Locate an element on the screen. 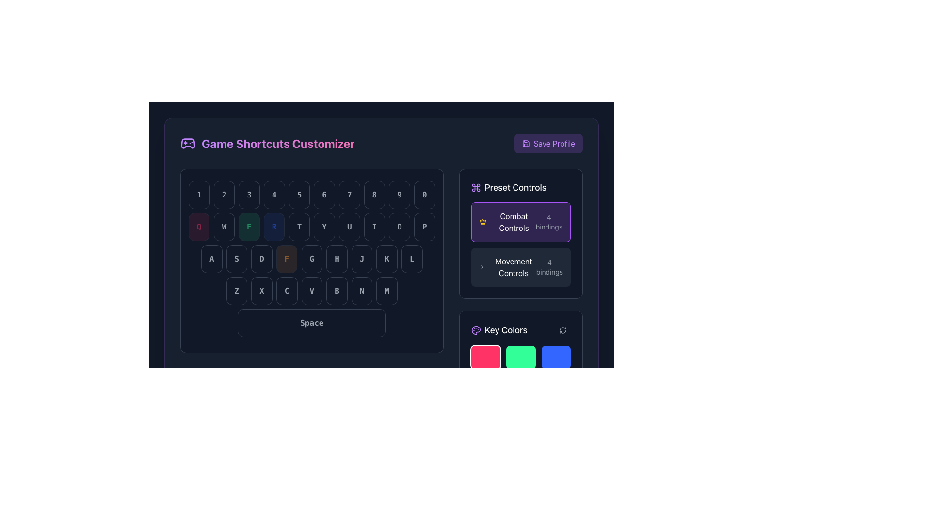 The height and width of the screenshot is (524, 931). the rounded rectangular button with a semi-transparent pink background and bold text 'Q' at the top and 'Ultimate Ability' below it to assign the key is located at coordinates (198, 227).